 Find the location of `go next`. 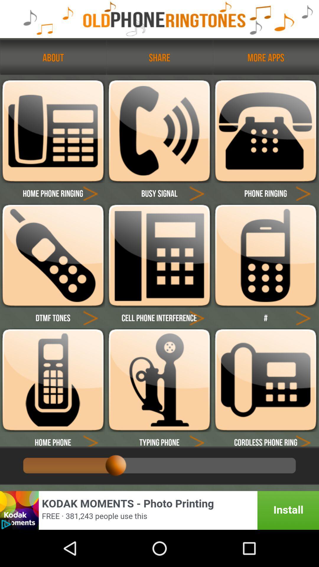

go next is located at coordinates (303, 193).